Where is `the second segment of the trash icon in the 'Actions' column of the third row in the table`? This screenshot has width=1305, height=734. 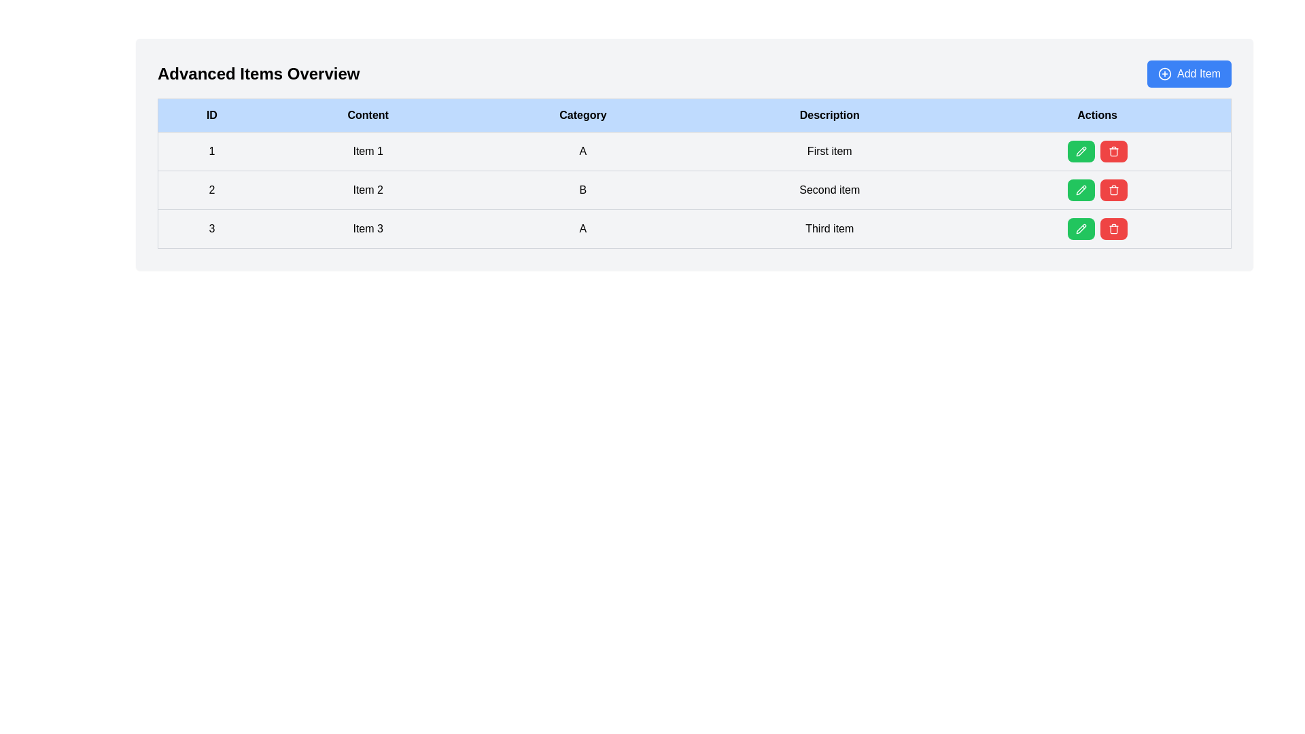
the second segment of the trash icon in the 'Actions' column of the third row in the table is located at coordinates (1113, 191).